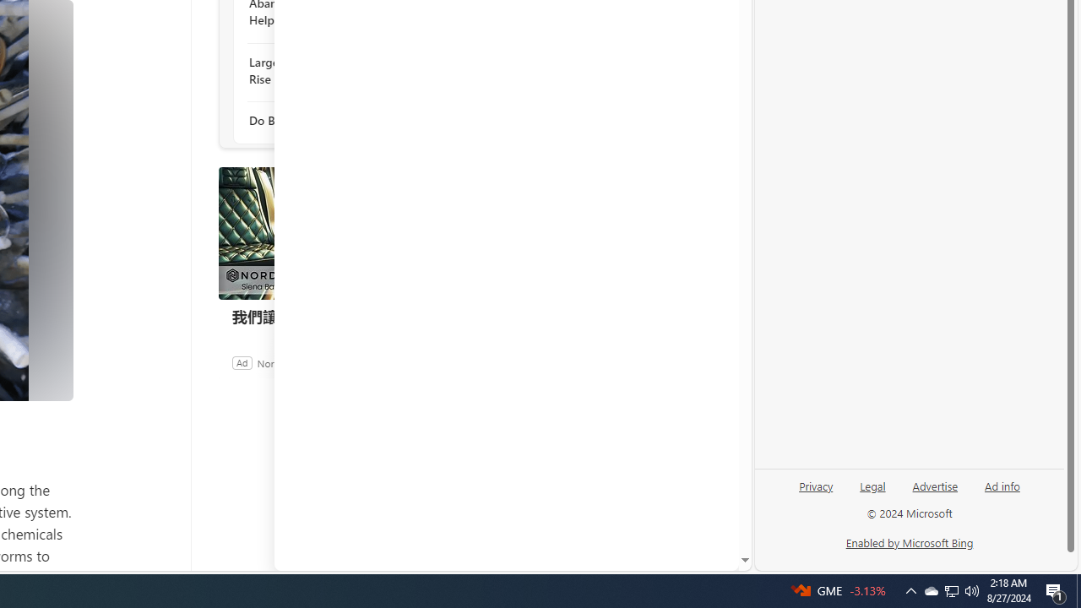 The image size is (1081, 608). What do you see at coordinates (1002, 485) in the screenshot?
I see `'Ad info'` at bounding box center [1002, 485].